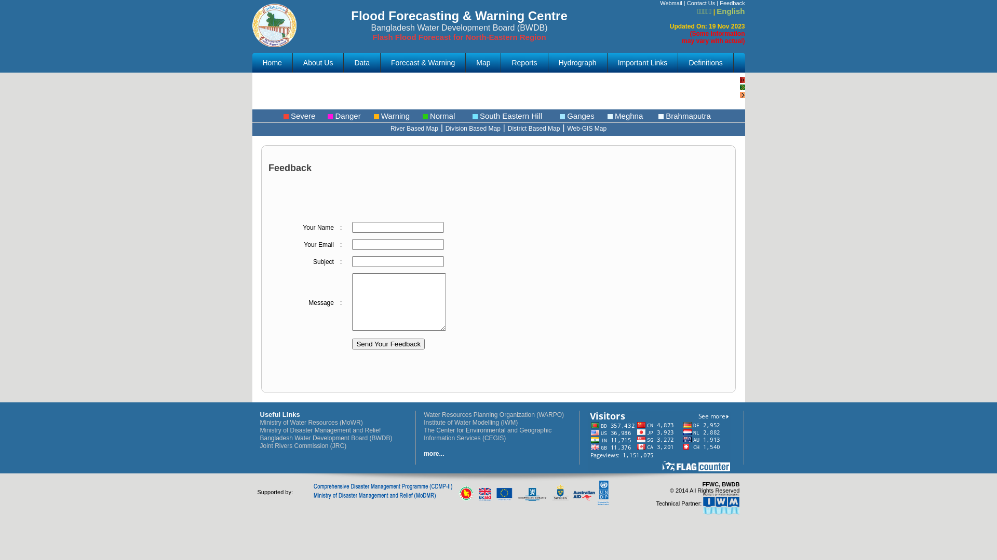 This screenshot has height=560, width=997. I want to click on 'Ministry of Water Resources (MoWR)', so click(311, 422).